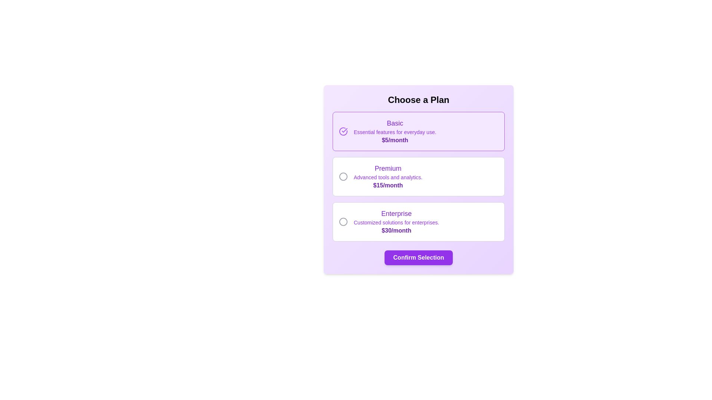 The image size is (712, 400). What do you see at coordinates (343, 221) in the screenshot?
I see `the circular icon representing the selection indicator located to the left of the 'Enterprise' text` at bounding box center [343, 221].